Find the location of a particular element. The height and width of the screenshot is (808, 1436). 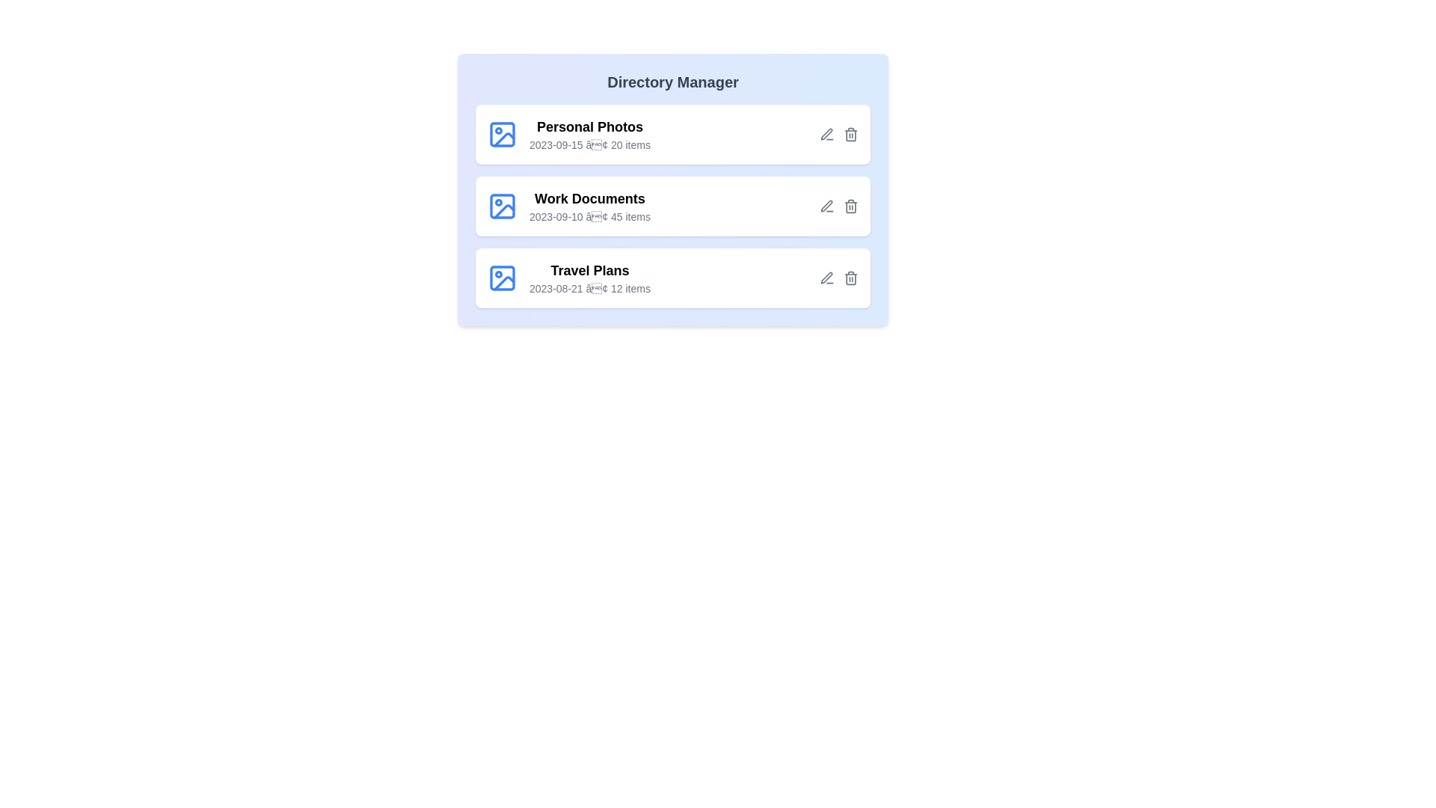

the edit icon for the directory Personal Photos is located at coordinates (826, 135).